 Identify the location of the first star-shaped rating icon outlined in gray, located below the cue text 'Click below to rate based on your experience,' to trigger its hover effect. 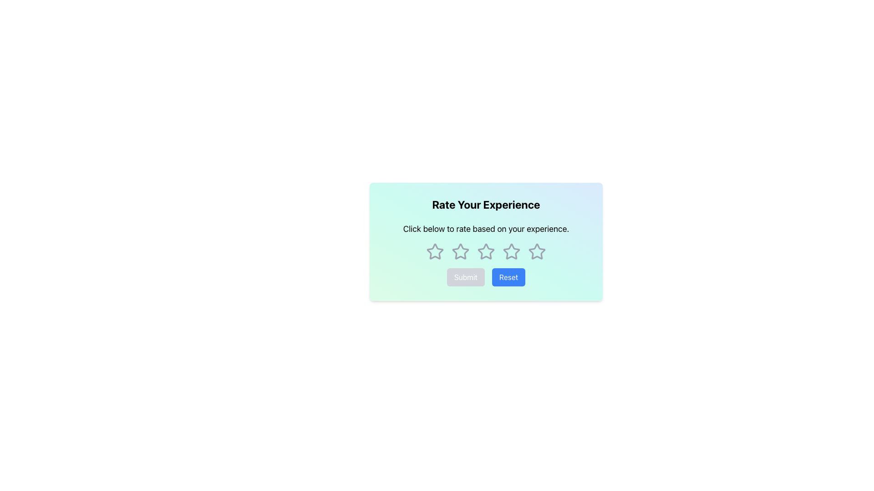
(434, 252).